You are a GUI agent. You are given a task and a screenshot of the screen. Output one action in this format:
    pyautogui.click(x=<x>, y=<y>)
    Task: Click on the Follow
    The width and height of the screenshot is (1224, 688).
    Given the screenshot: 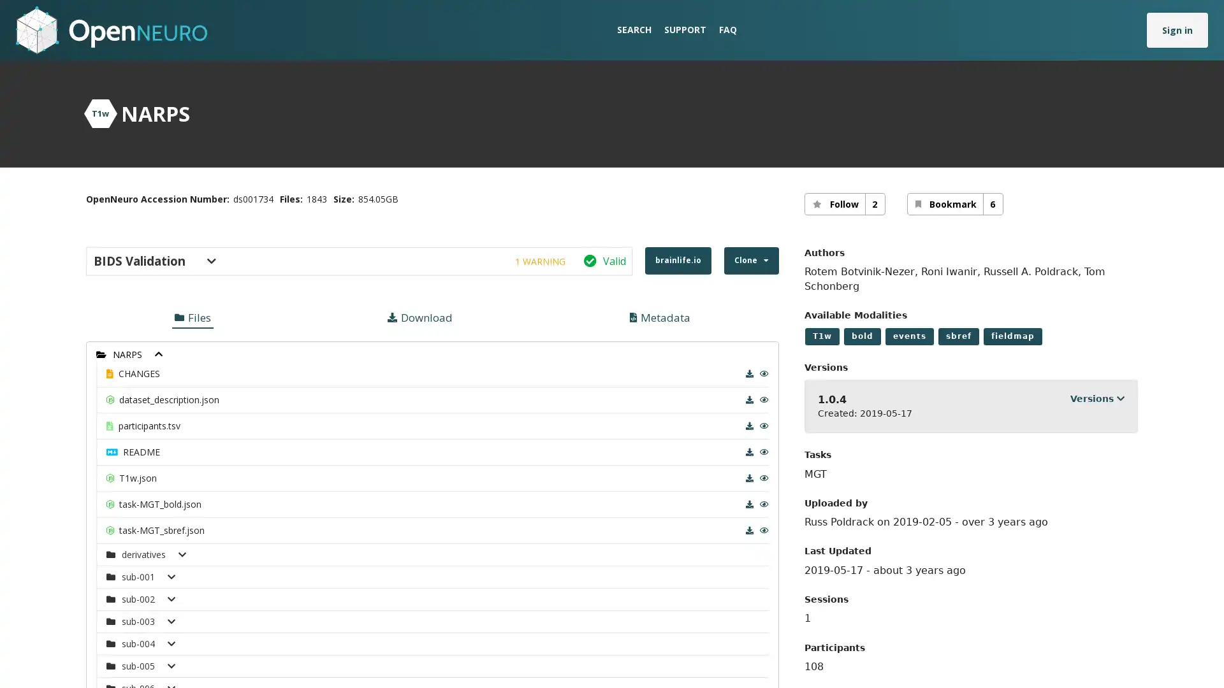 What is the action you would take?
    pyautogui.click(x=844, y=203)
    